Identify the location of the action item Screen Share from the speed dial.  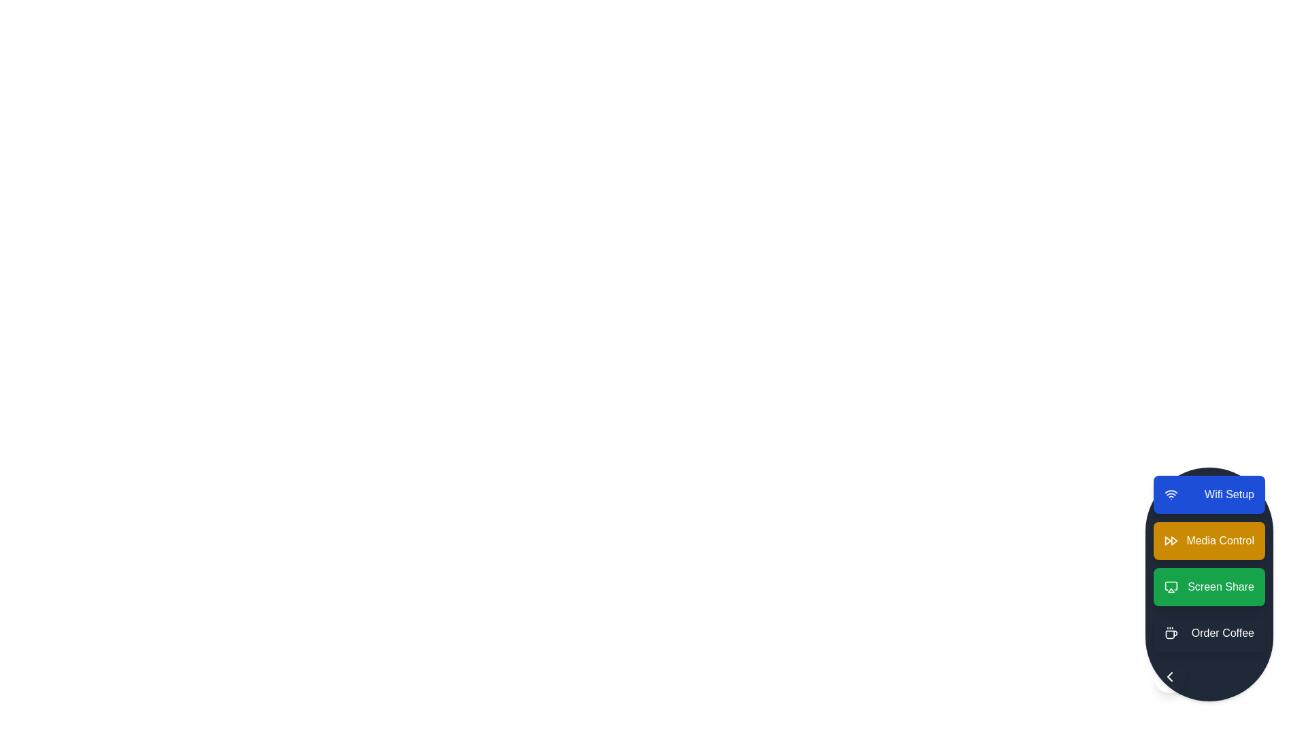
(1209, 587).